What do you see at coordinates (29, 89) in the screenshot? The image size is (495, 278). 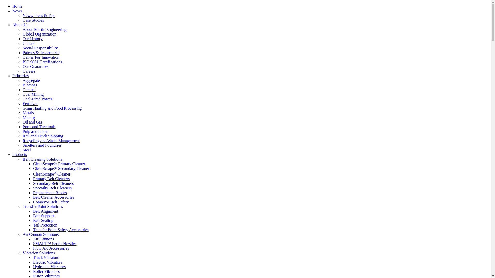 I see `'Cement'` at bounding box center [29, 89].